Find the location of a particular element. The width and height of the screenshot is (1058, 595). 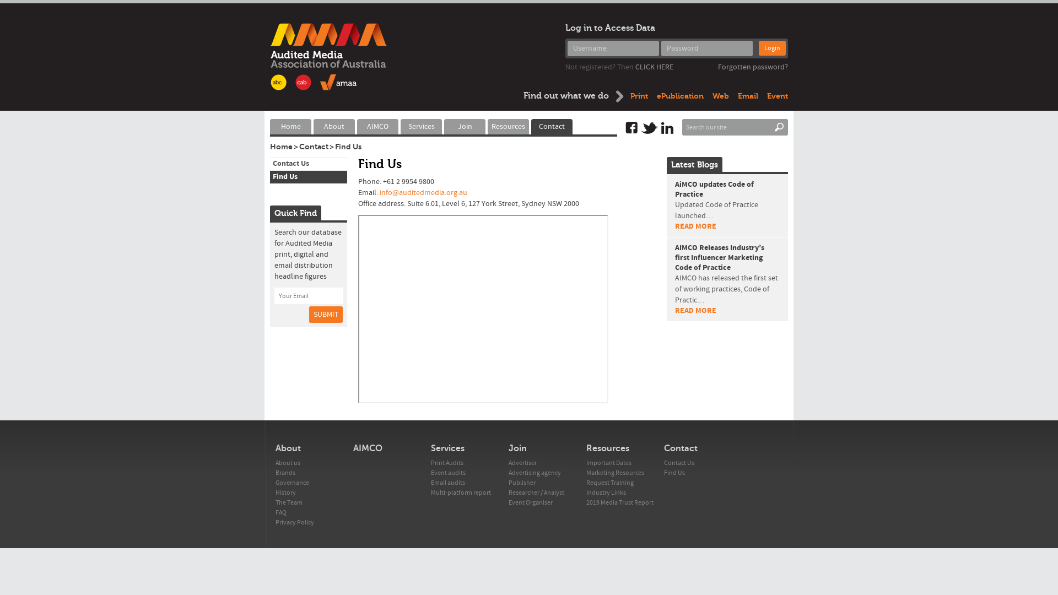

'The Team' is located at coordinates (275, 502).